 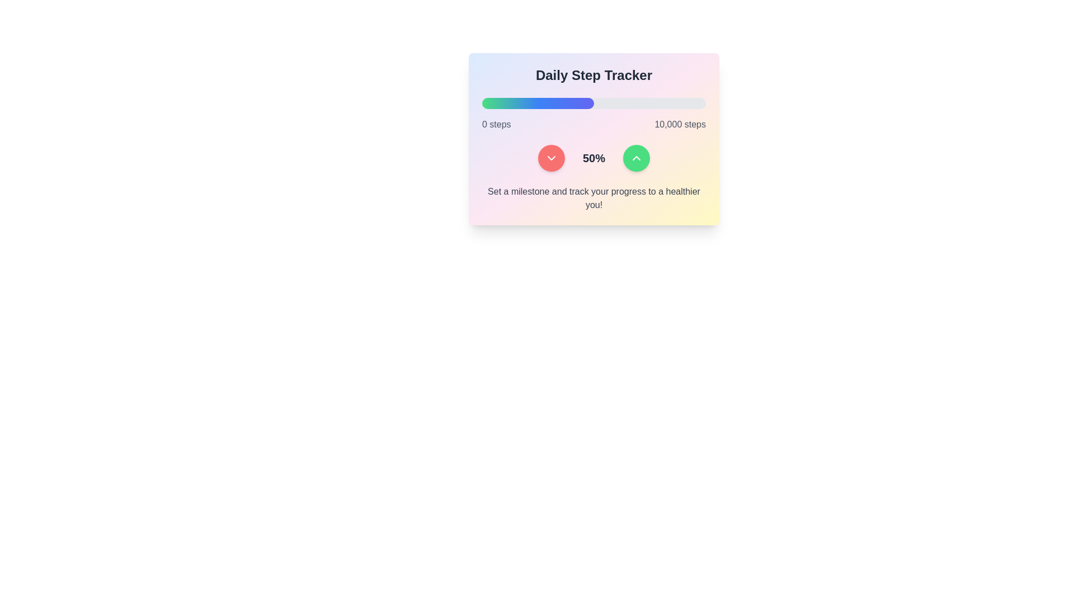 What do you see at coordinates (551, 158) in the screenshot?
I see `the circular button with a red background and white downward chevron, located to the left of the text '50%` at bounding box center [551, 158].